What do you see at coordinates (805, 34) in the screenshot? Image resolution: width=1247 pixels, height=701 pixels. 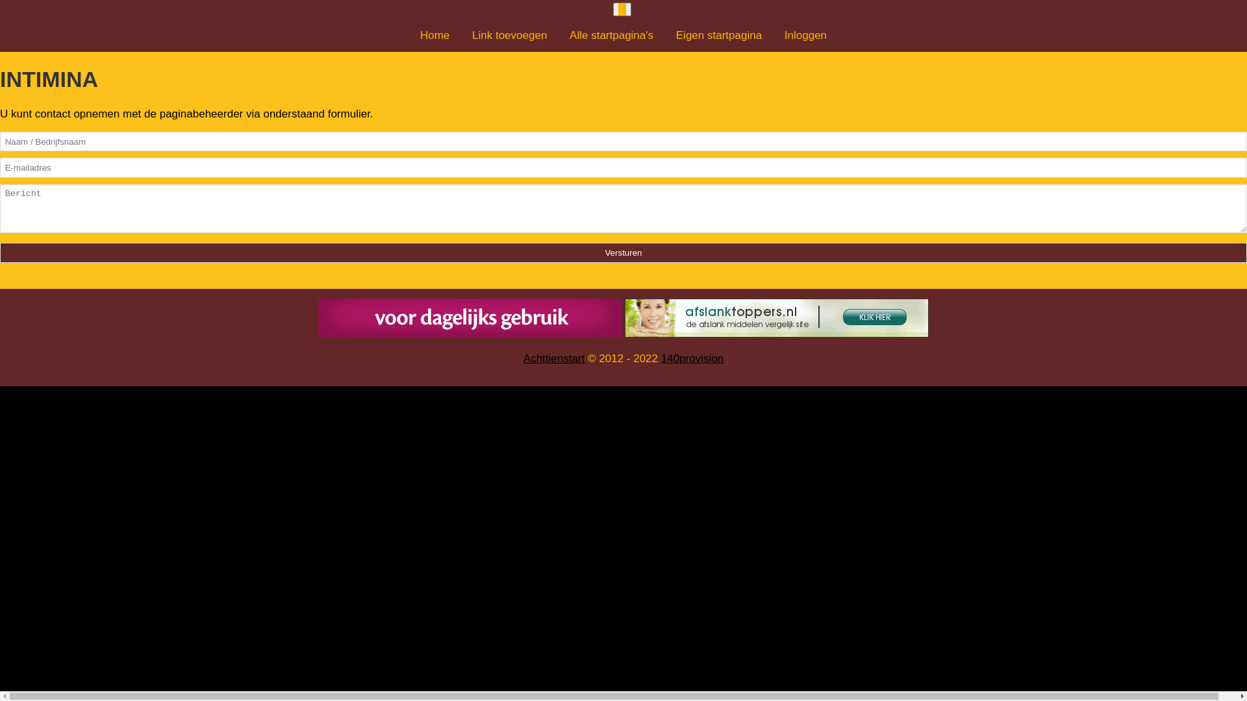 I see `'Inloggen'` at bounding box center [805, 34].